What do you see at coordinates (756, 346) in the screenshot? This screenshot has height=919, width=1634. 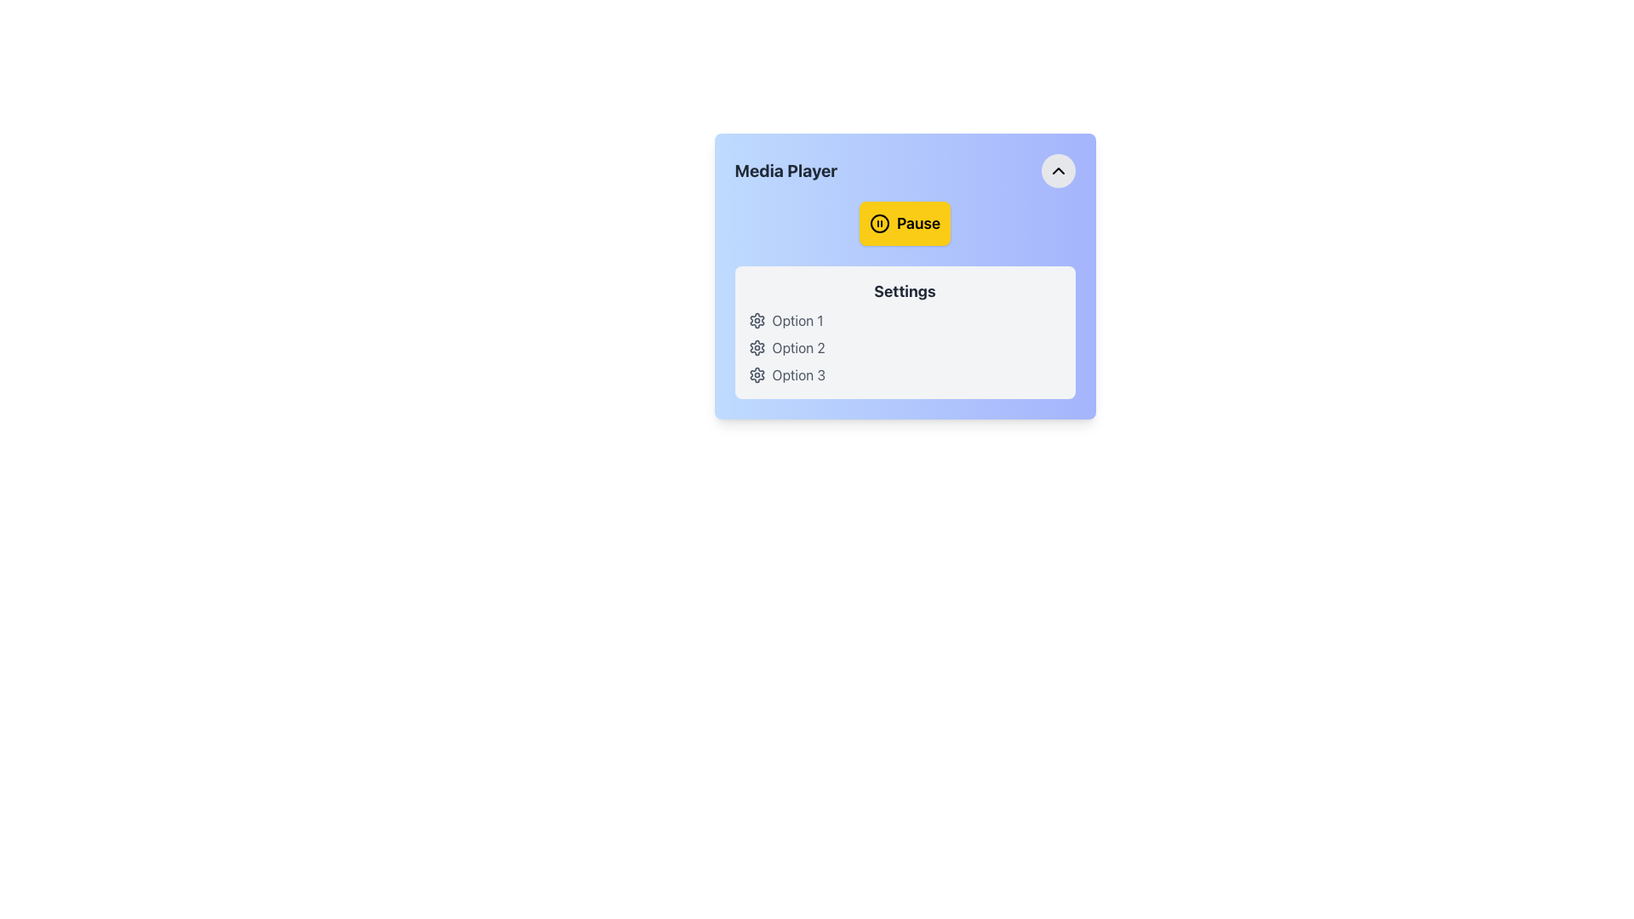 I see `the gear-shaped icon representing settings, located to the left of the text 'Option 2' in the vertical list under the 'Settings' section` at bounding box center [756, 346].